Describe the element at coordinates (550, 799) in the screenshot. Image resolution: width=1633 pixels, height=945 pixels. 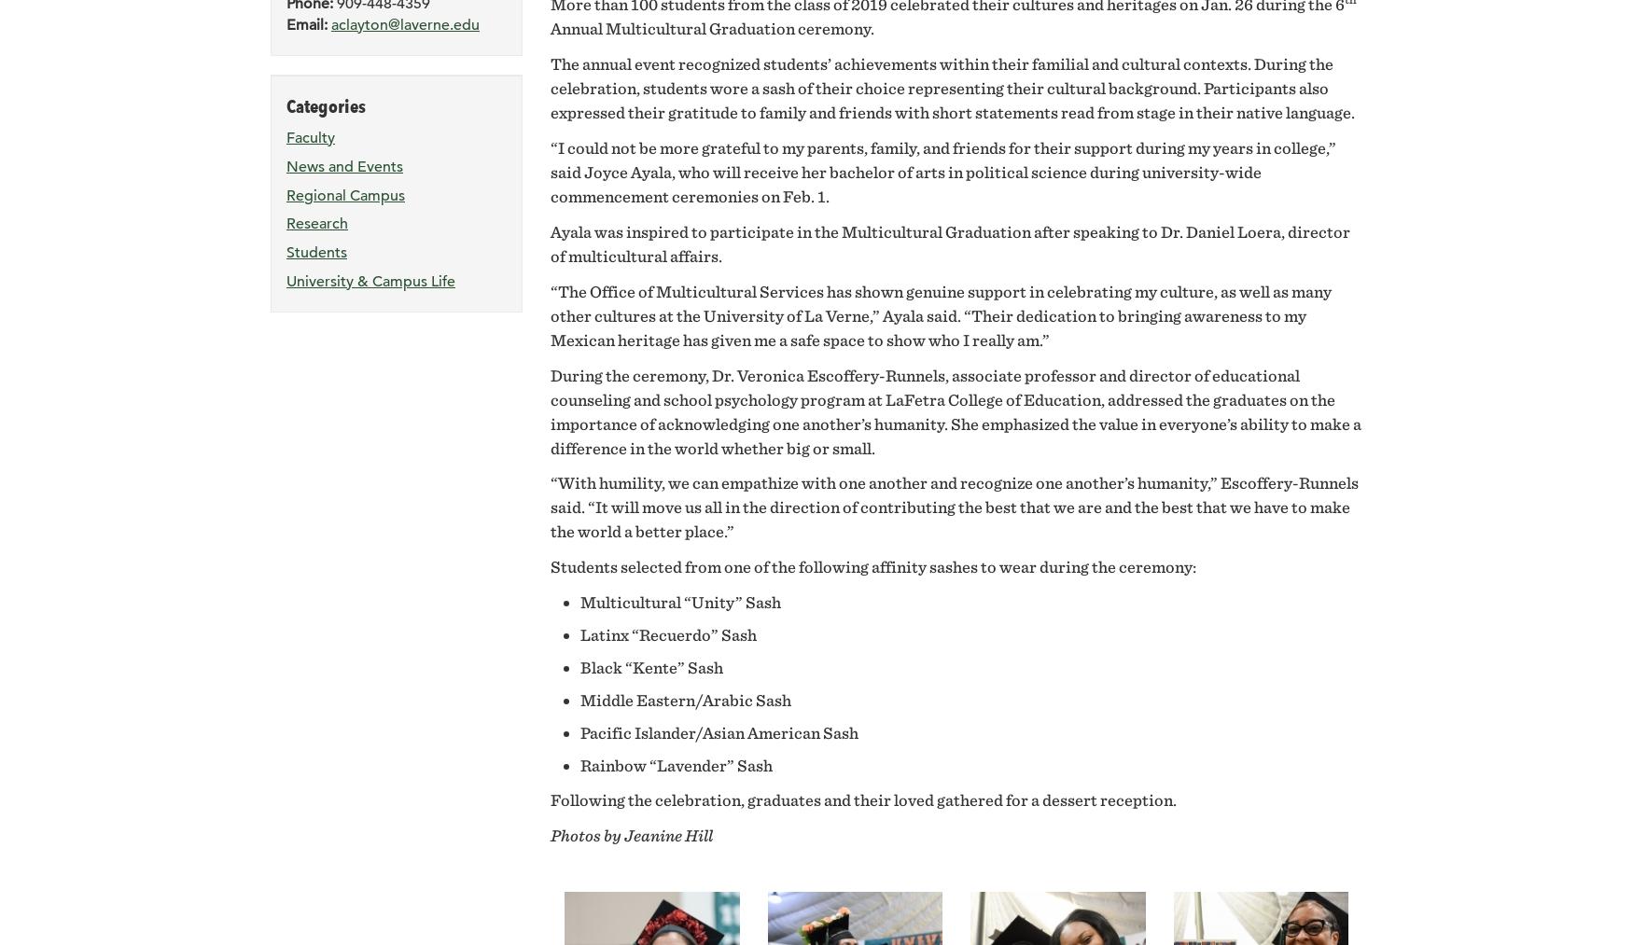
I see `'Following the celebration, graduates and their loved gathered for a dessert reception.'` at that location.